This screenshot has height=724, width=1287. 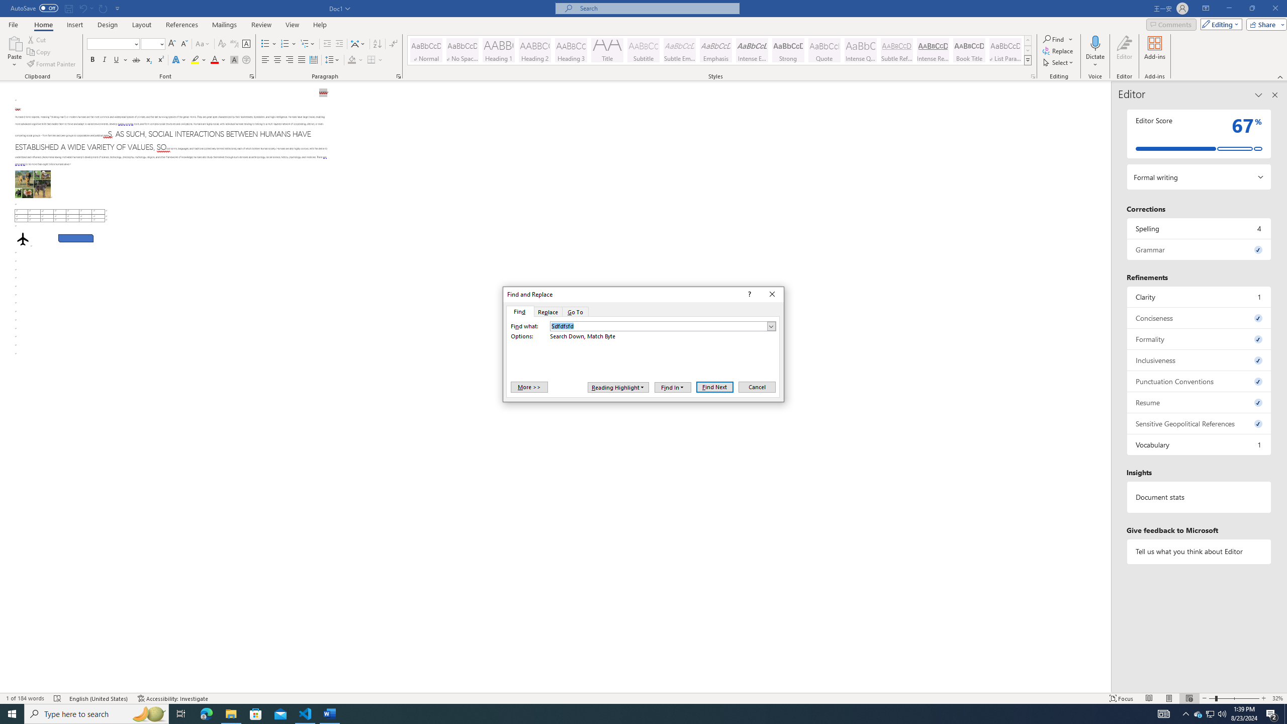 I want to click on 'Grammar, 0 issues. Press space or enter to review items.', so click(x=1199, y=249).